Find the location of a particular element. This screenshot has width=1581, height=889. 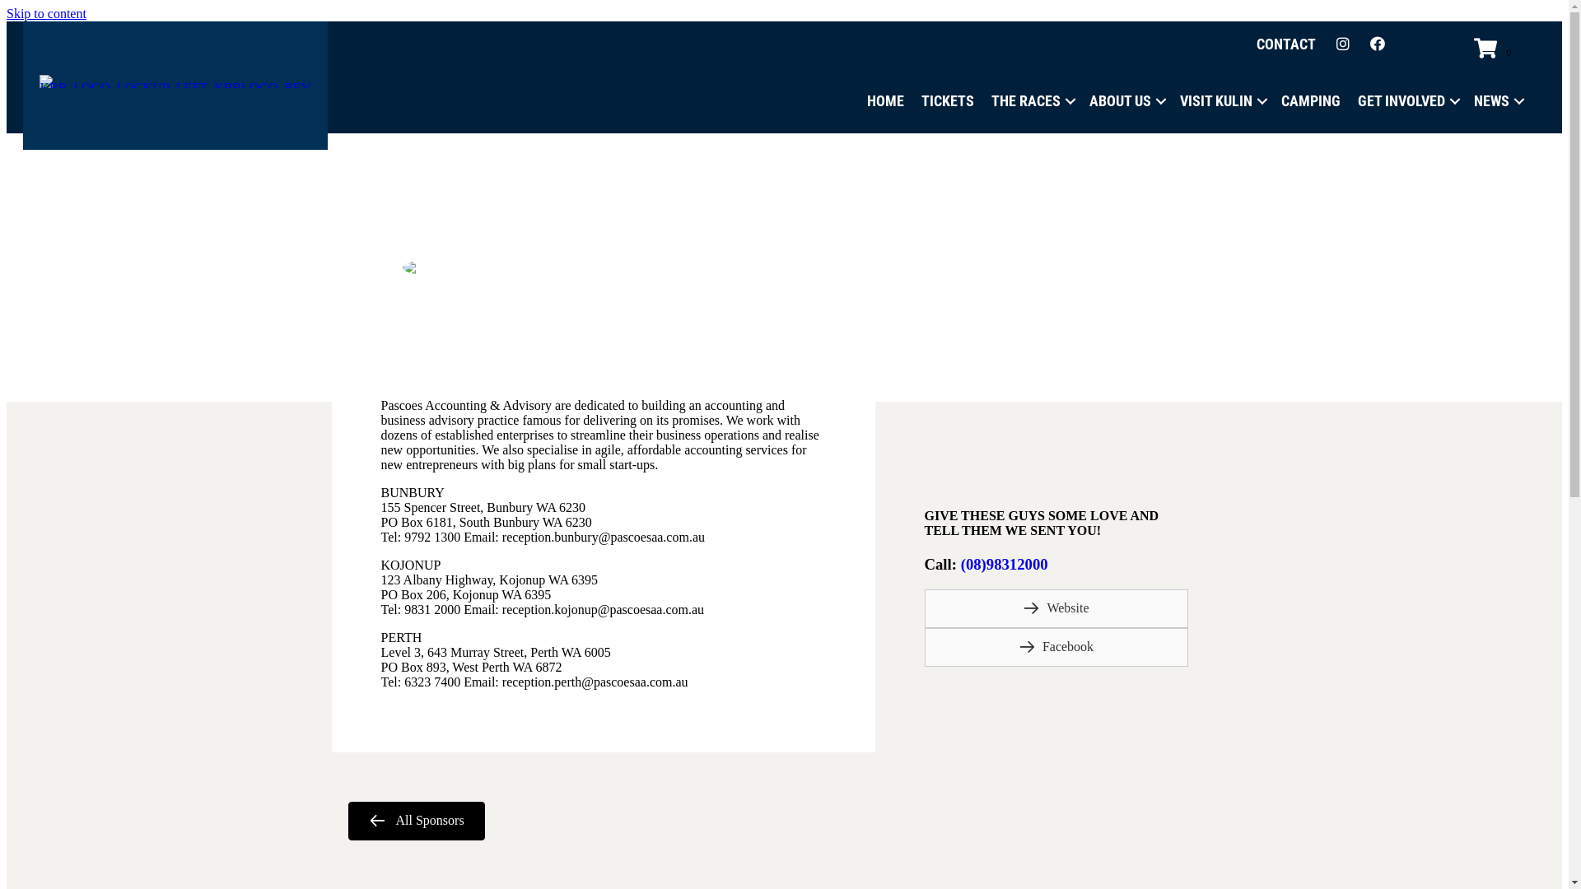

'NEWS' is located at coordinates (1497, 101).